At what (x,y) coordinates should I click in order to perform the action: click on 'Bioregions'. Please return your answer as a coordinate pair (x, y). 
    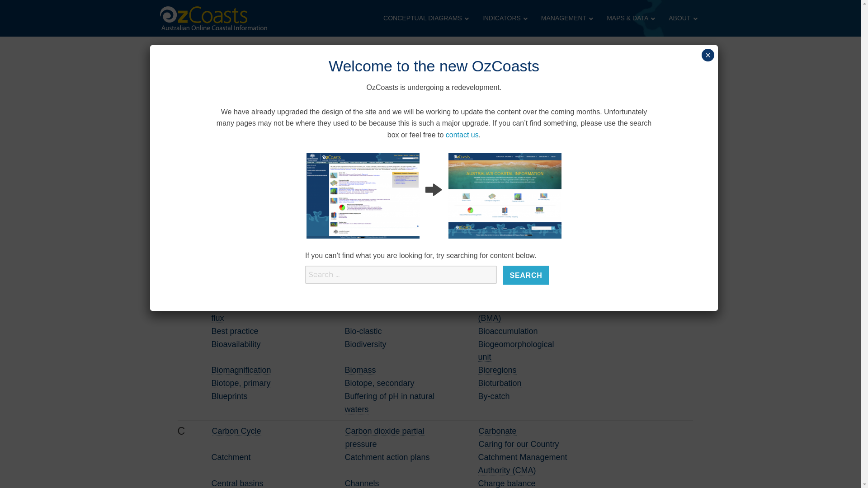
    Looking at the image, I should click on (497, 370).